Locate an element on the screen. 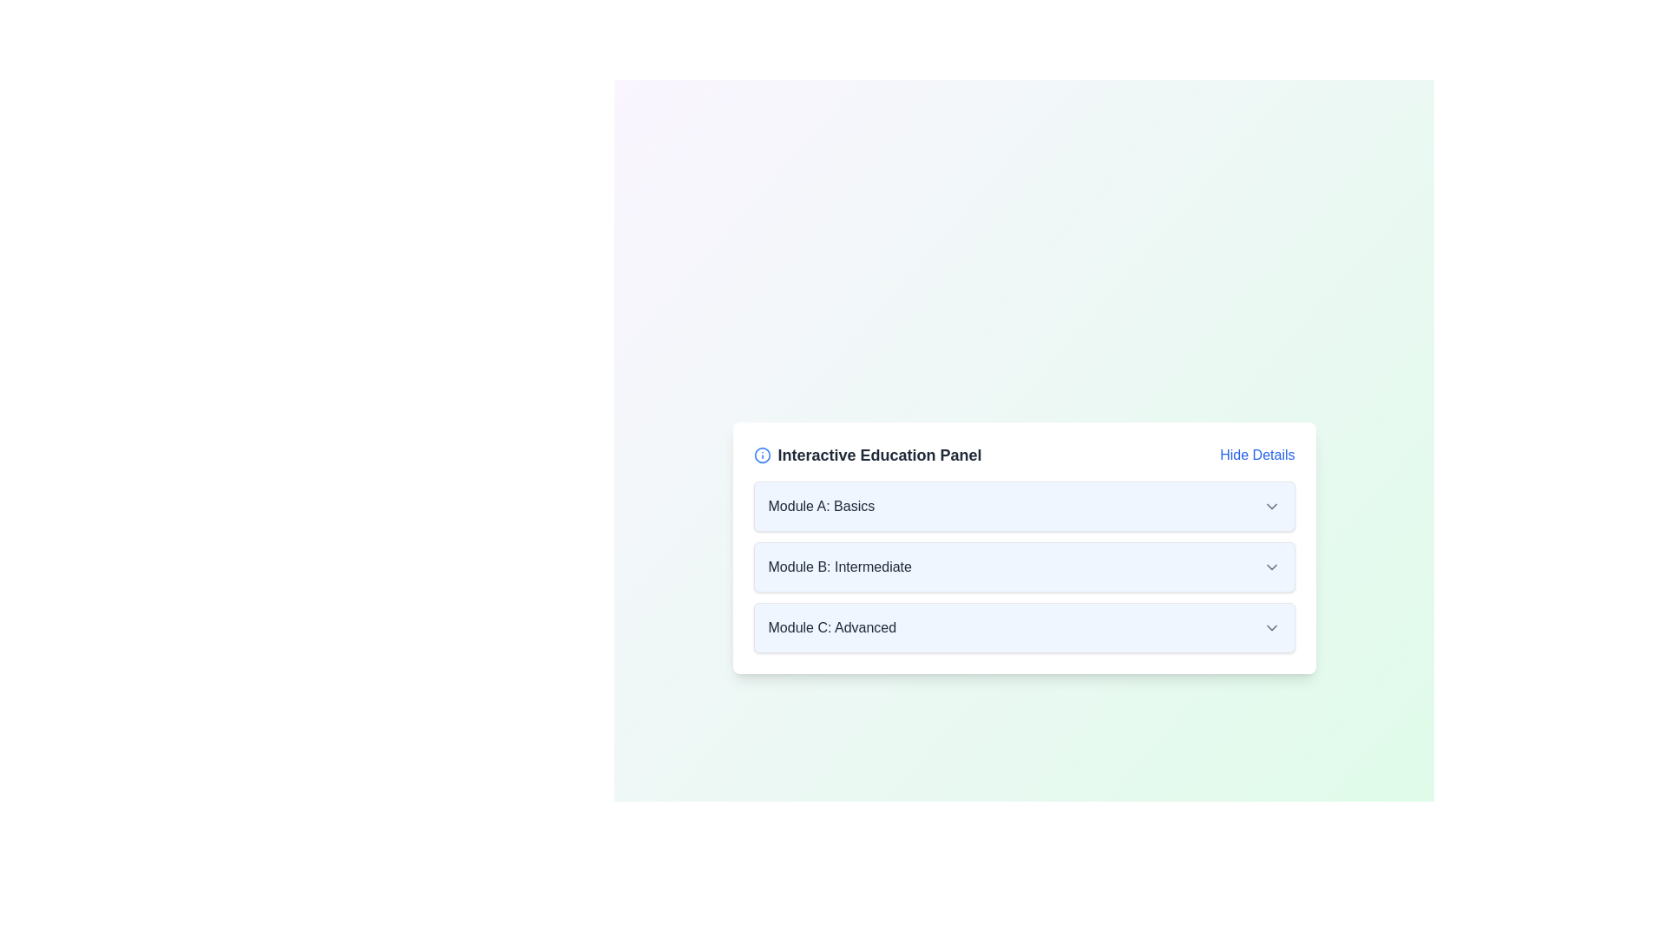 The height and width of the screenshot is (937, 1666). text 'Module B: Intermediate' displayed in a medium-weight font in dark gray color within a card layout is located at coordinates (840, 567).